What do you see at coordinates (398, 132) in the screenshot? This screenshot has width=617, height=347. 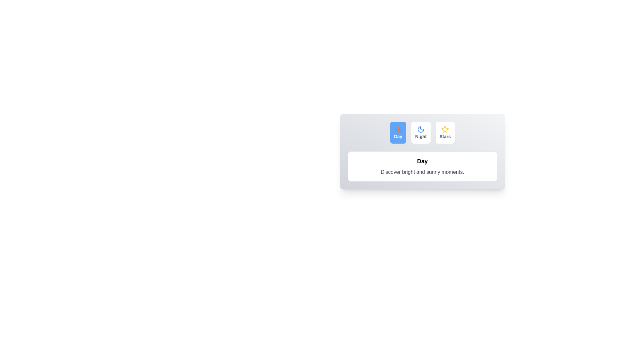 I see `the Day tab to activate it` at bounding box center [398, 132].